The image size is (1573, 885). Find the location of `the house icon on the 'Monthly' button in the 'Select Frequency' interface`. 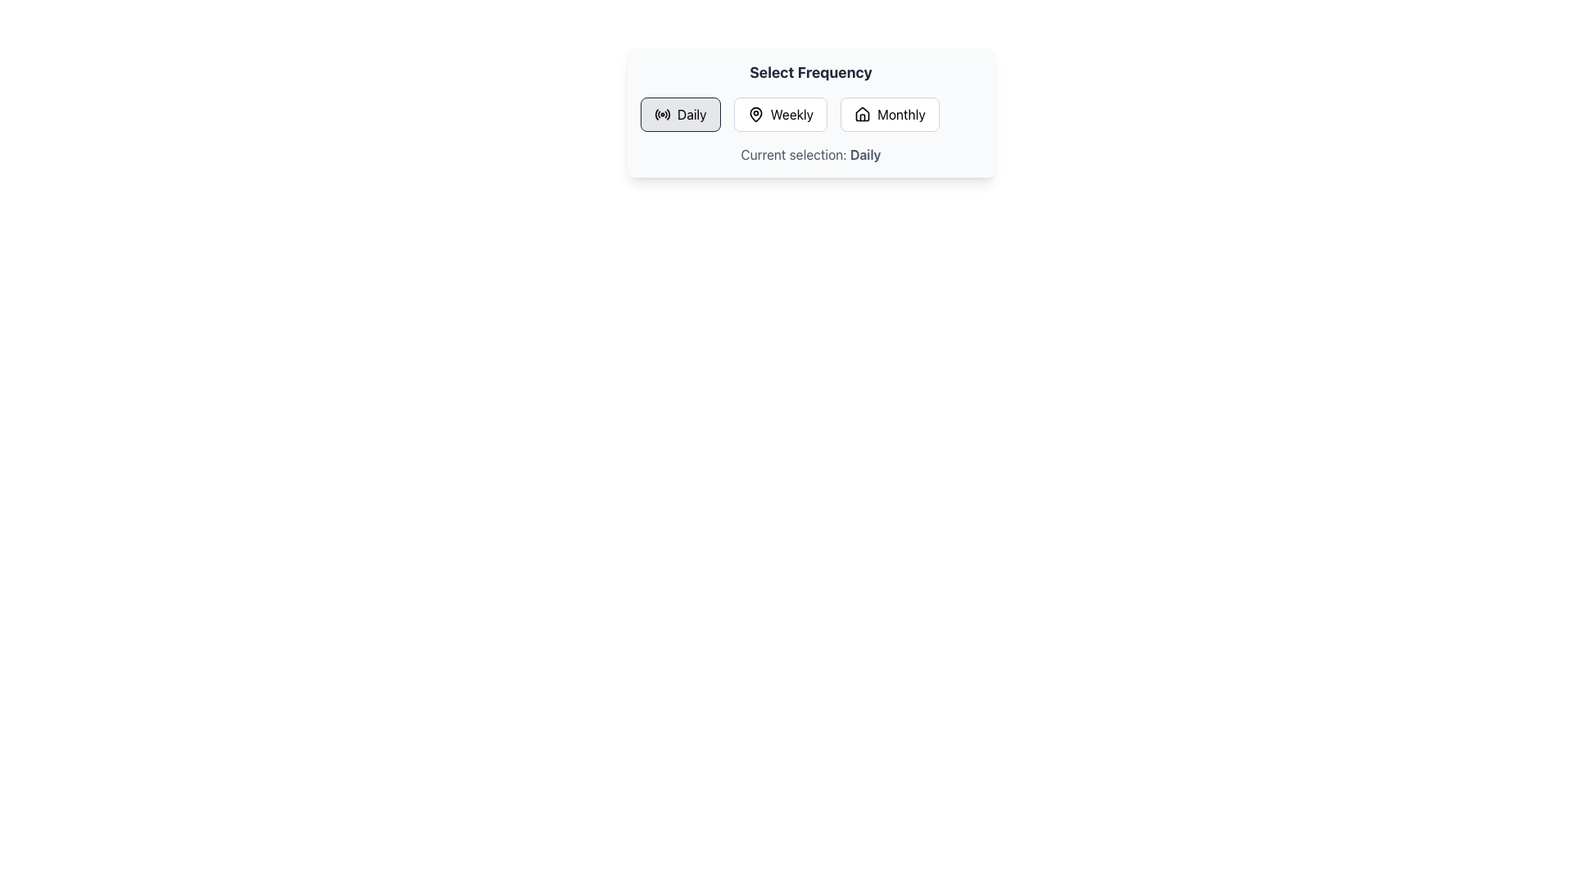

the house icon on the 'Monthly' button in the 'Select Frequency' interface is located at coordinates (862, 113).